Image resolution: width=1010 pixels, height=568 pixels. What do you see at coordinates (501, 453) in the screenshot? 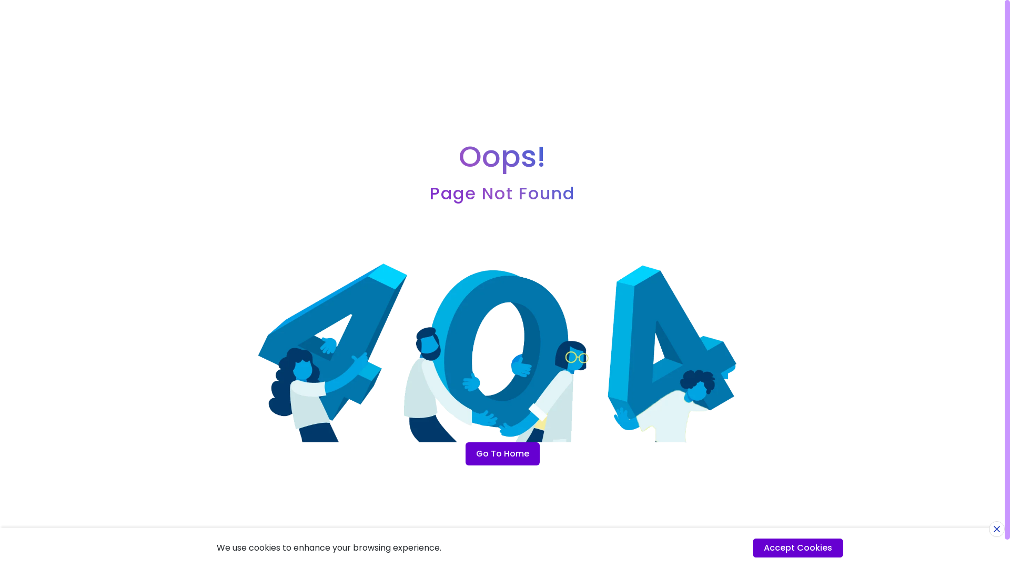
I see `'Go To Home'` at bounding box center [501, 453].